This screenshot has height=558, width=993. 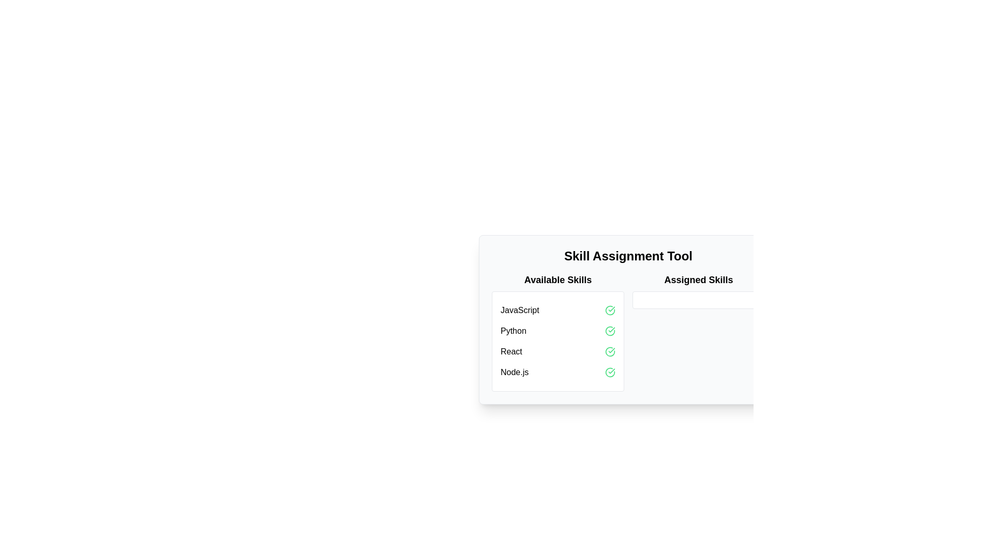 I want to click on the fourth icon in the 'Available Skills' section that indicates the 'Node.js' skill is active, so click(x=610, y=373).